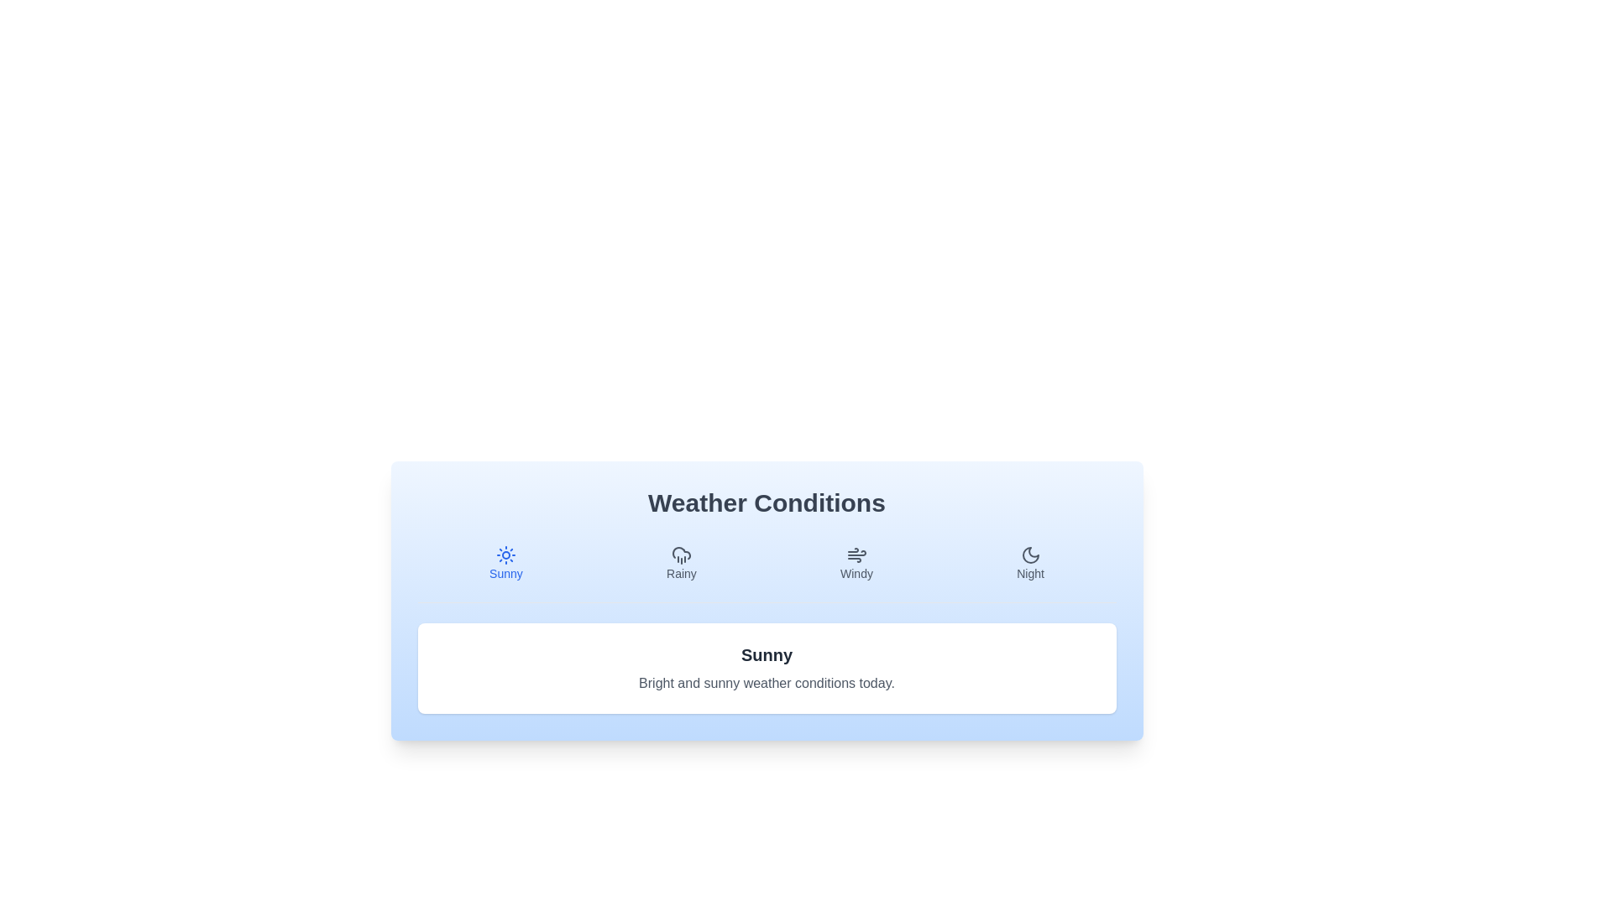  Describe the element at coordinates (681, 563) in the screenshot. I see `the icon and label for Rainy` at that location.